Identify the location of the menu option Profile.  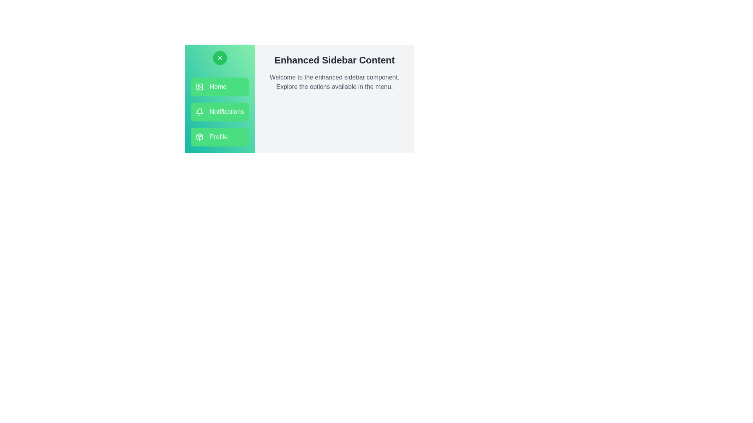
(220, 137).